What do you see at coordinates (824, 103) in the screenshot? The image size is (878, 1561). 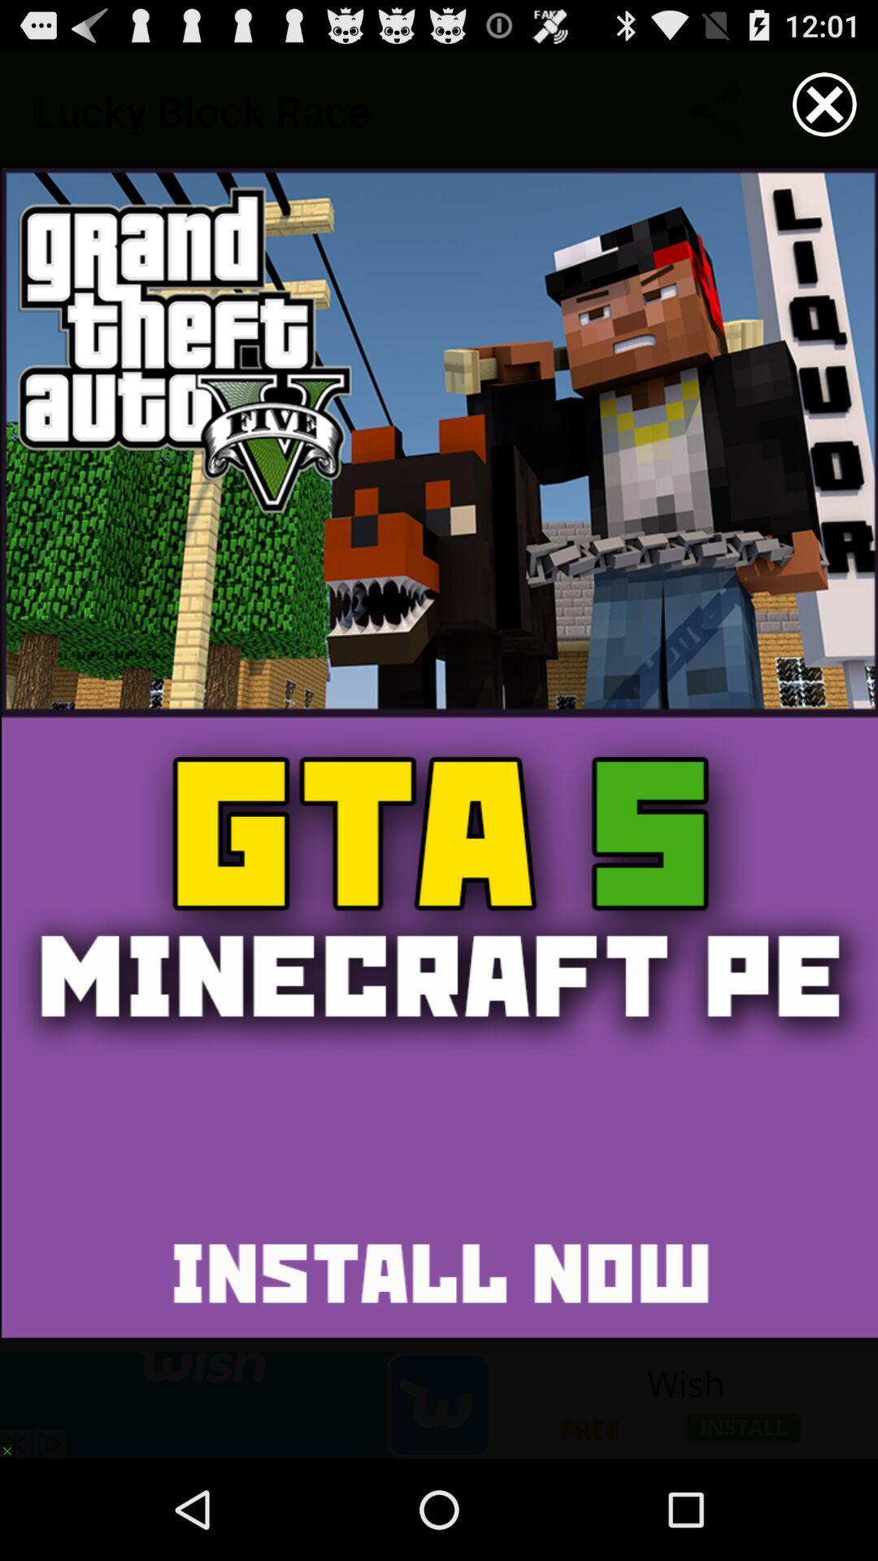 I see `window` at bounding box center [824, 103].